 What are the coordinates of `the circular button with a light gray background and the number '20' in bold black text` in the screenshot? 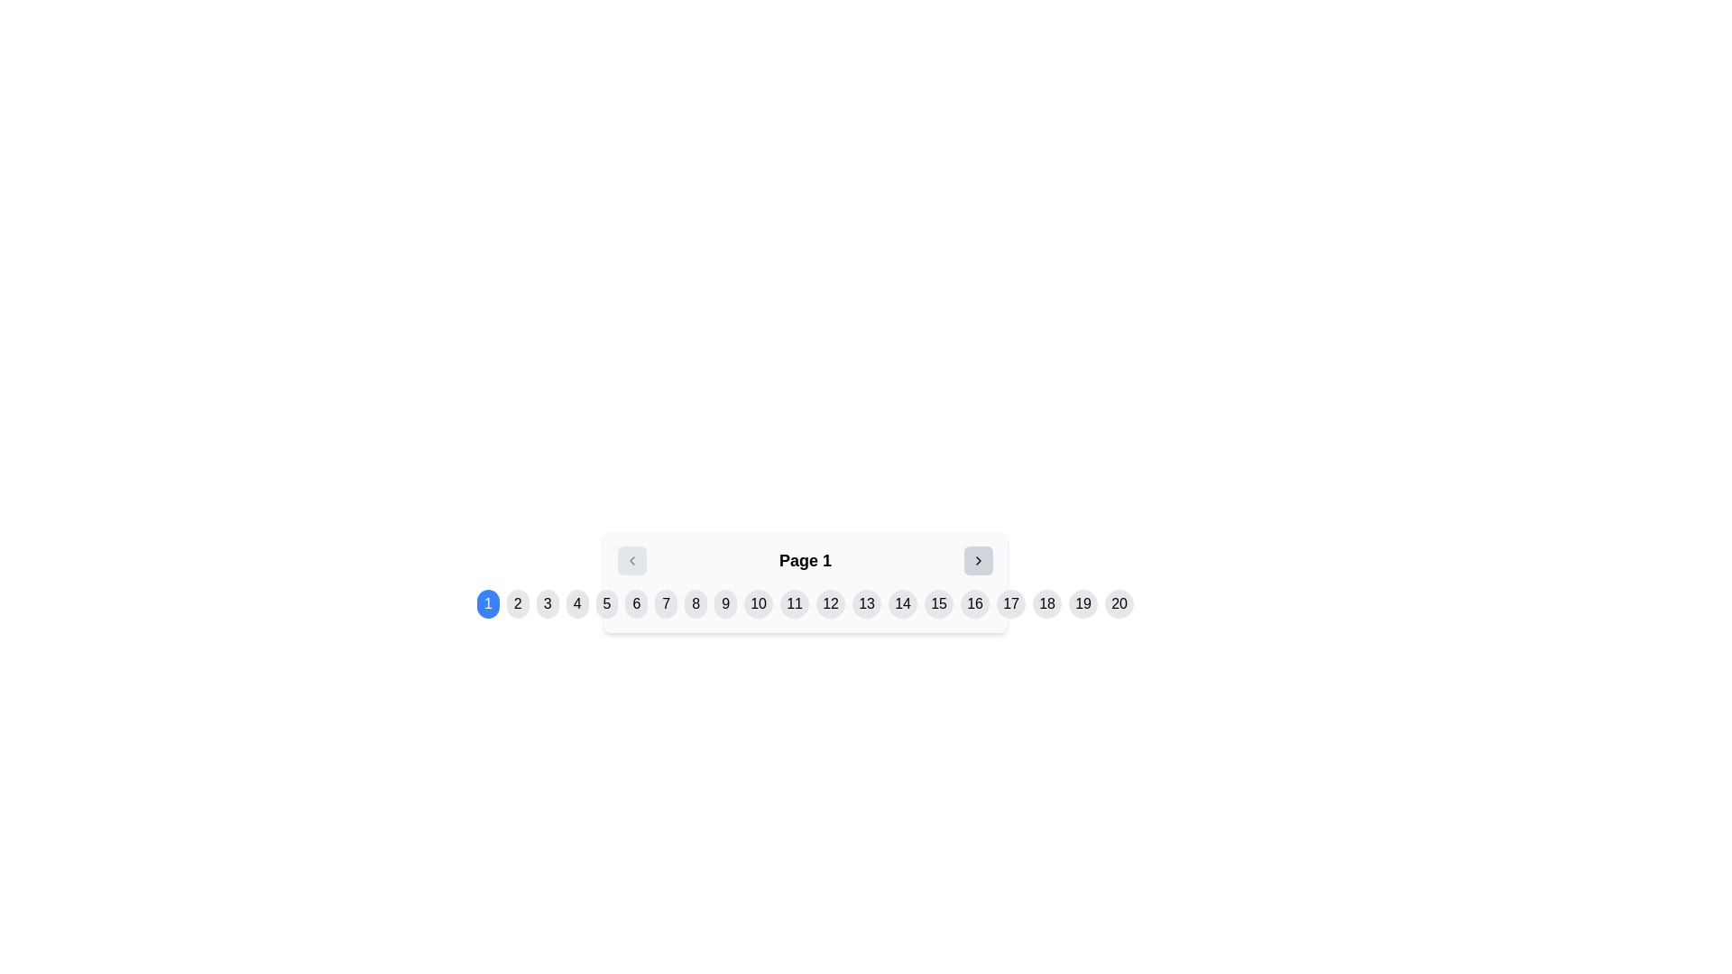 It's located at (1119, 604).